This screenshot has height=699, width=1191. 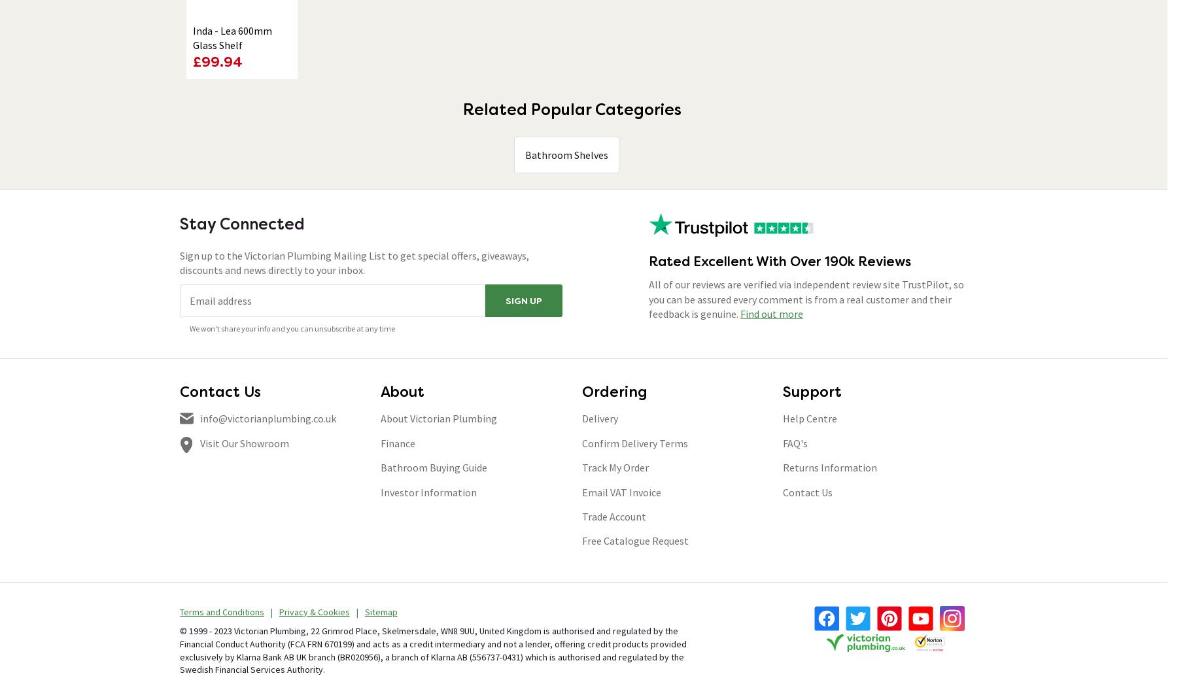 What do you see at coordinates (806, 298) in the screenshot?
I see `'All of our reviews are verified via independent review site TrustPilot, so you can be assured every comment is from a real customer and their feedback is genuine.'` at bounding box center [806, 298].